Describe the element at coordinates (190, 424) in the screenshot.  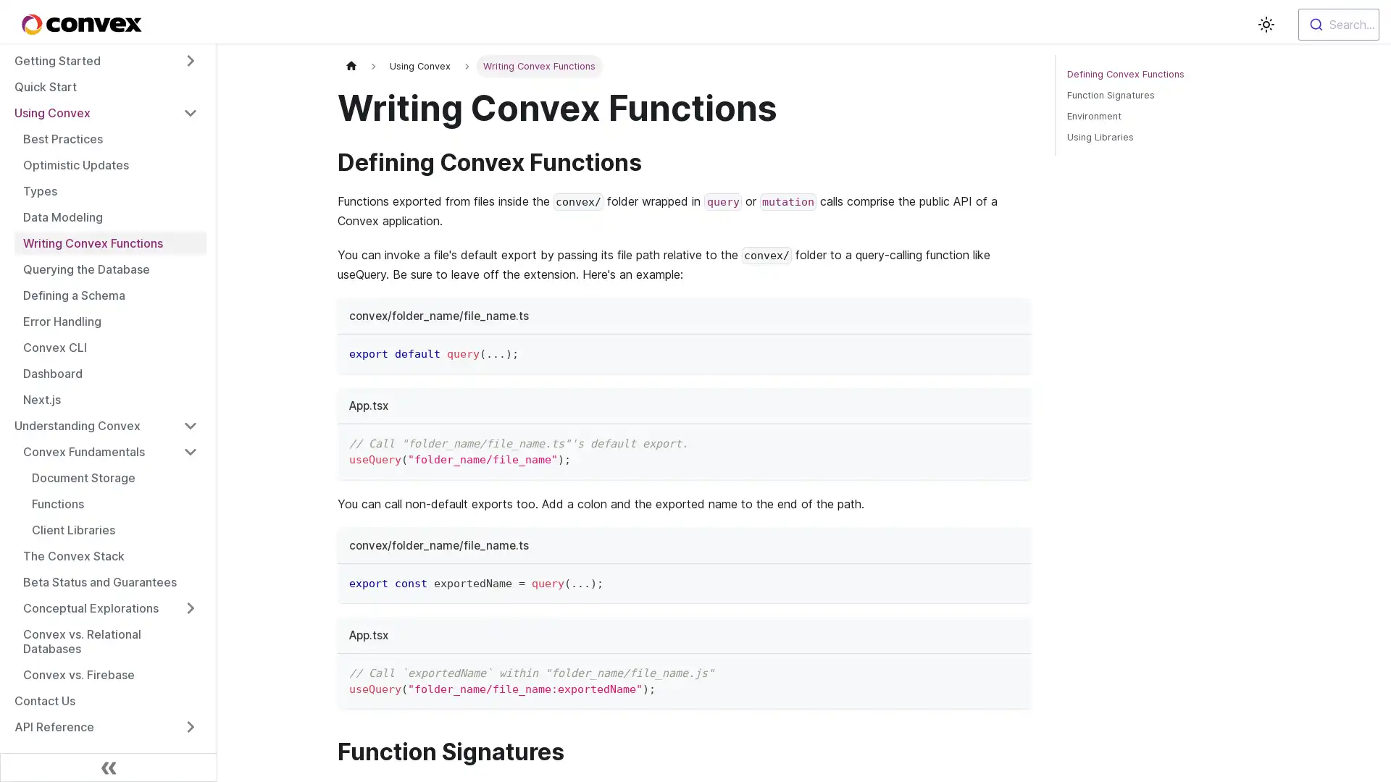
I see `Toggle the collapsible sidebar category 'Understanding Convex'` at that location.